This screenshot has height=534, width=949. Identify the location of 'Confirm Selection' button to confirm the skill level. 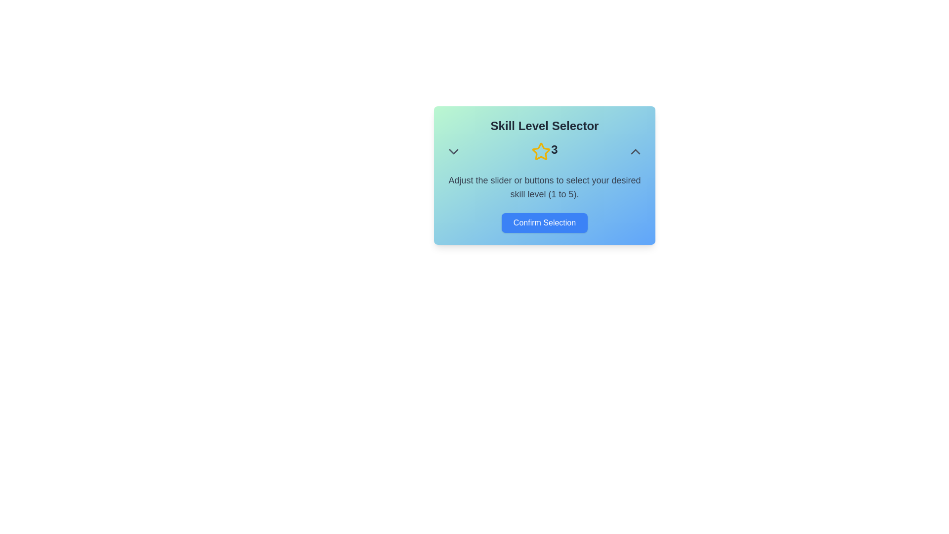
(544, 223).